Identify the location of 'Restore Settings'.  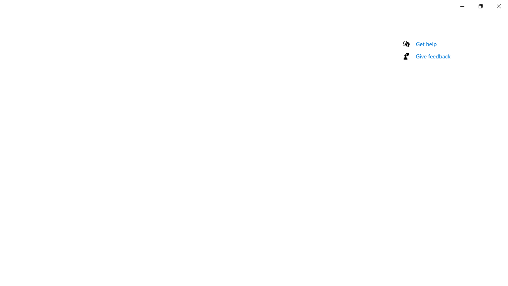
(480, 6).